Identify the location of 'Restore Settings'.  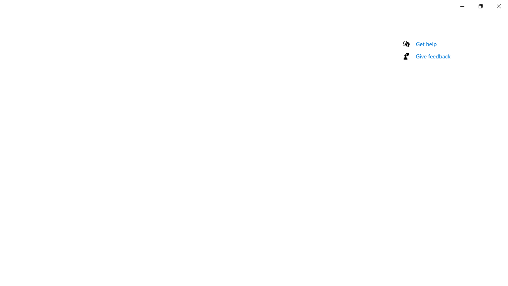
(480, 6).